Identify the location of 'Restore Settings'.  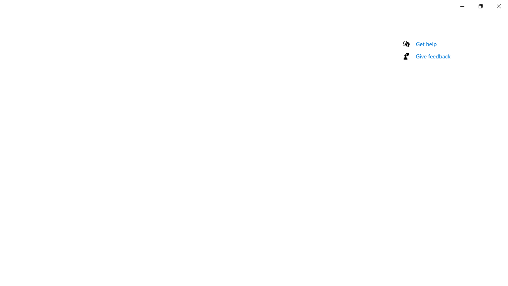
(480, 6).